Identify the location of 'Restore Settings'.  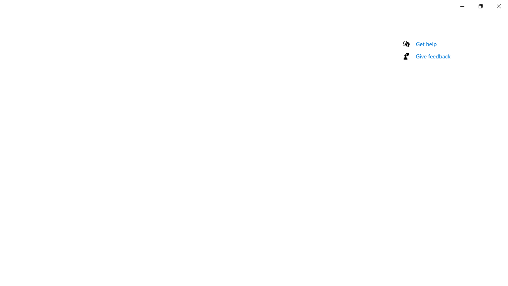
(480, 6).